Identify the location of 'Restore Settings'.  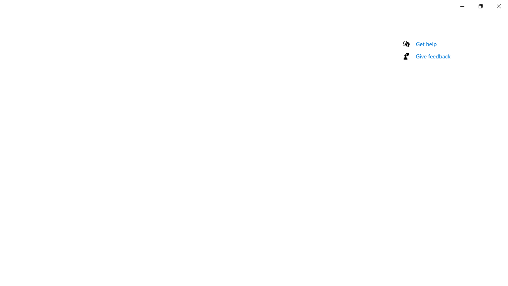
(480, 6).